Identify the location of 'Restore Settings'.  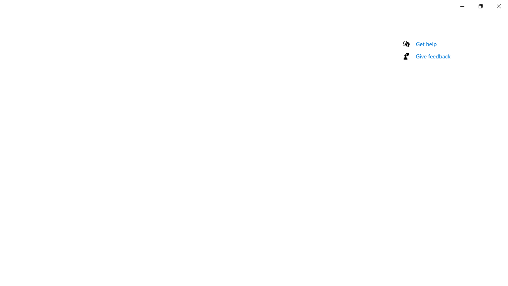
(480, 6).